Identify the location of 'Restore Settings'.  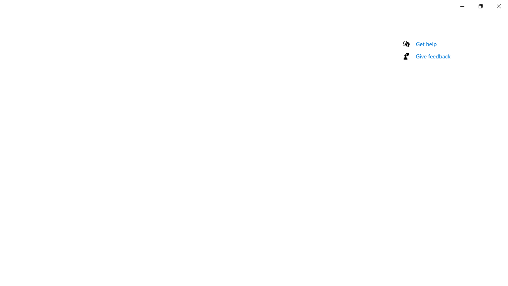
(480, 6).